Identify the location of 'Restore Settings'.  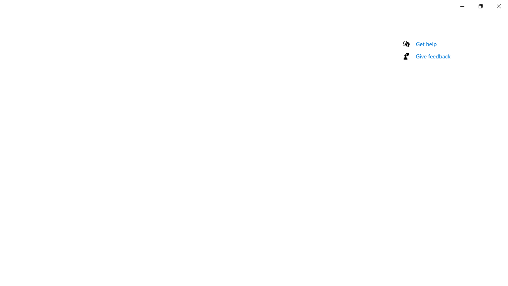
(480, 6).